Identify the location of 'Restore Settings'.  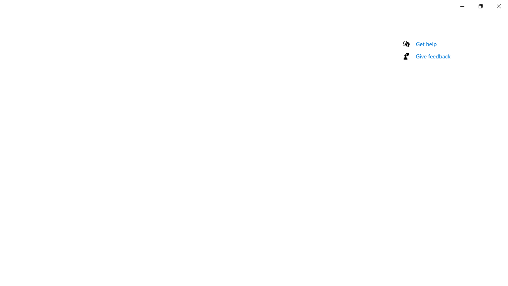
(480, 6).